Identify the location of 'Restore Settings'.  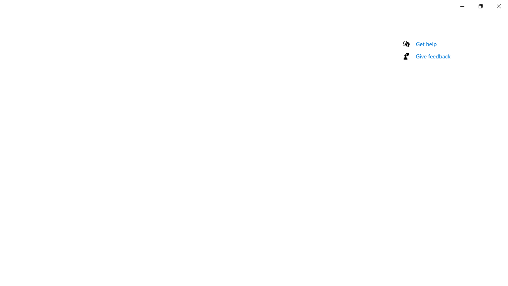
(480, 6).